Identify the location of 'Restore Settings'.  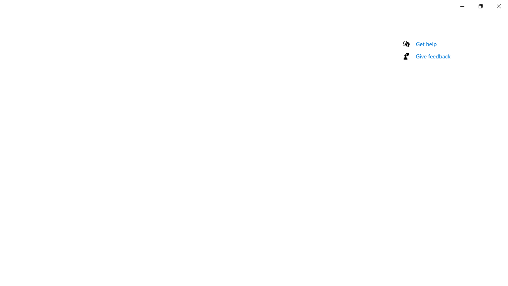
(480, 6).